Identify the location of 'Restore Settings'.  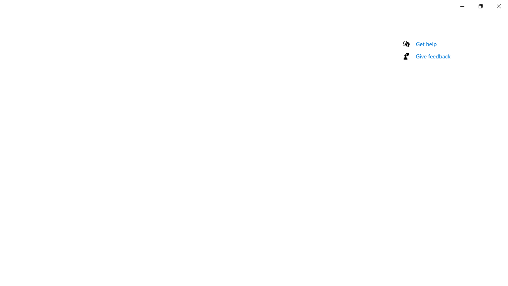
(480, 6).